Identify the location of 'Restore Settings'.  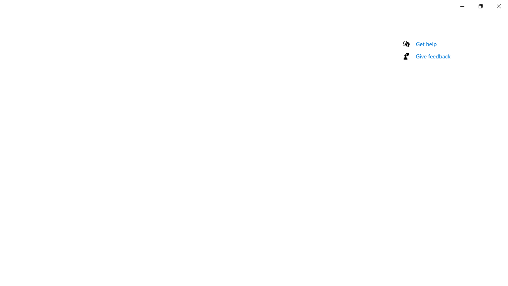
(480, 6).